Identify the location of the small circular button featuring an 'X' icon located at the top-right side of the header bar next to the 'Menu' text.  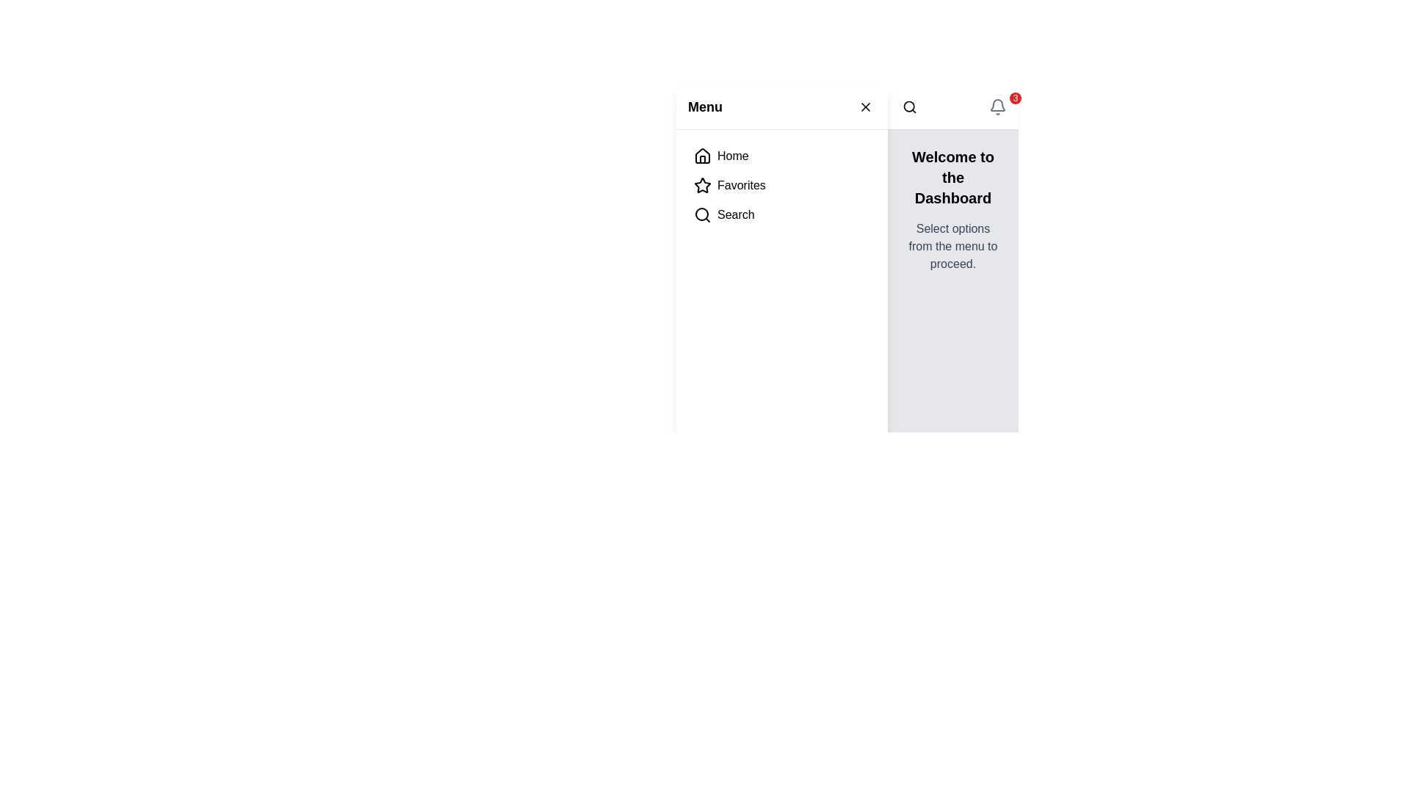
(866, 106).